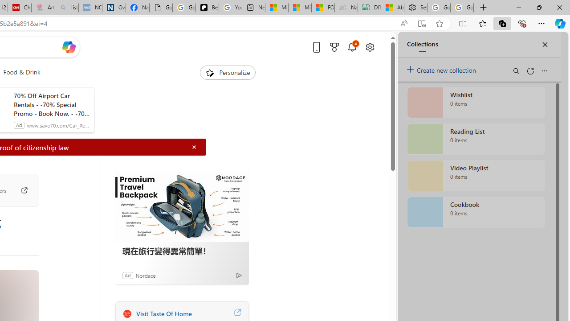 The width and height of the screenshot is (570, 321). I want to click on 'To get missing image descriptions, open the context menu.', so click(209, 72).